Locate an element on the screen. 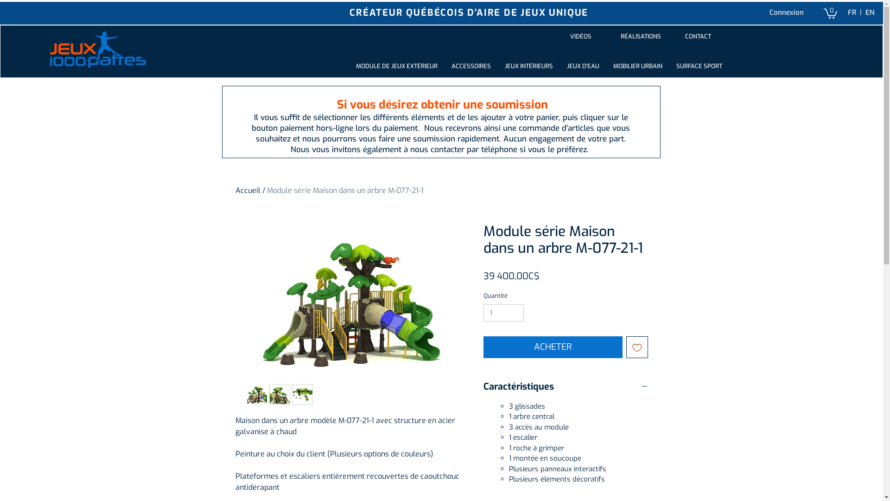 The width and height of the screenshot is (890, 501). 'EN' is located at coordinates (869, 13).